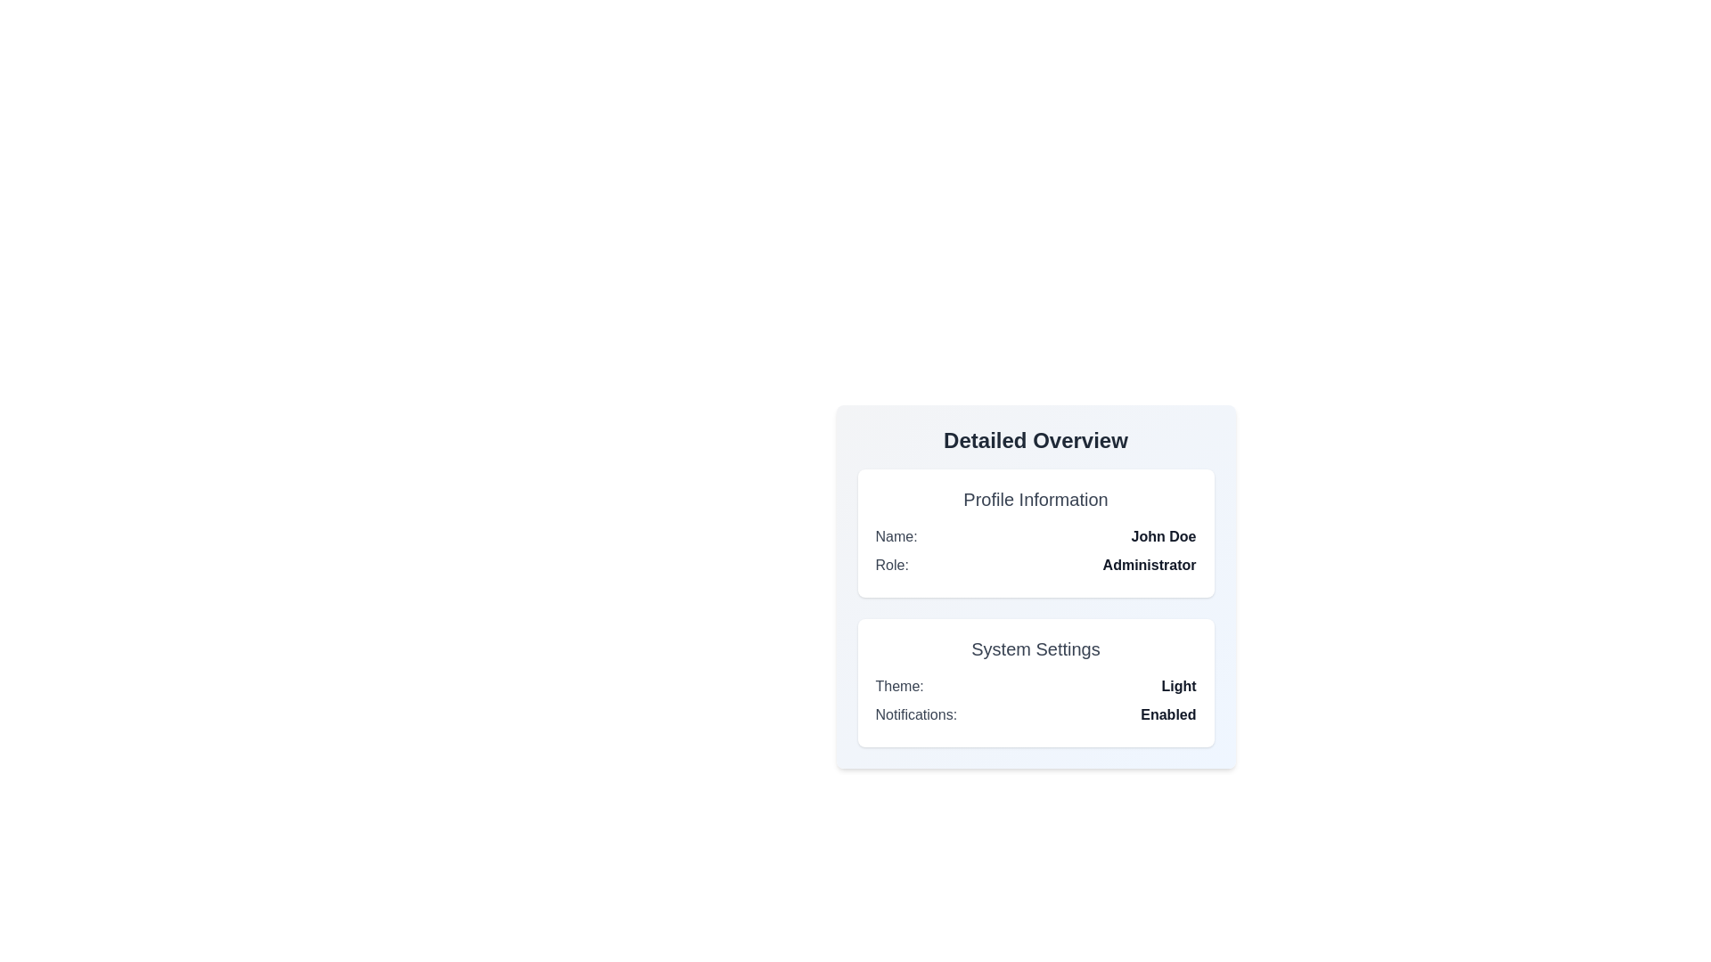 Image resolution: width=1711 pixels, height=962 pixels. Describe the element at coordinates (1036, 686) in the screenshot. I see `the Labeled value display that shows the setting 'Theme' with the value 'Light' in the 'System Settings' section` at that location.